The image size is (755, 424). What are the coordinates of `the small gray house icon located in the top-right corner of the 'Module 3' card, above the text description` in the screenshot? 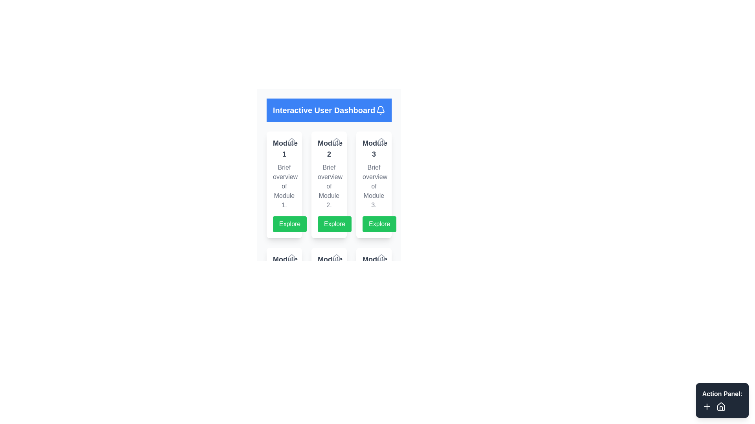 It's located at (381, 141).